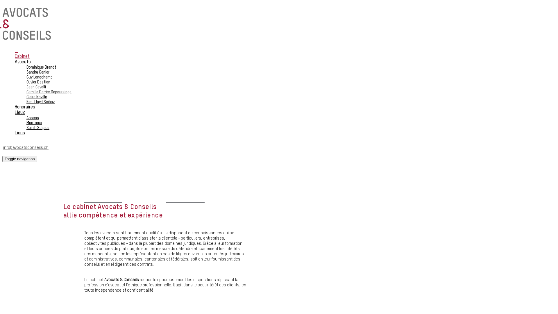 This screenshot has height=314, width=558. What do you see at coordinates (32, 118) in the screenshot?
I see `'Assens'` at bounding box center [32, 118].